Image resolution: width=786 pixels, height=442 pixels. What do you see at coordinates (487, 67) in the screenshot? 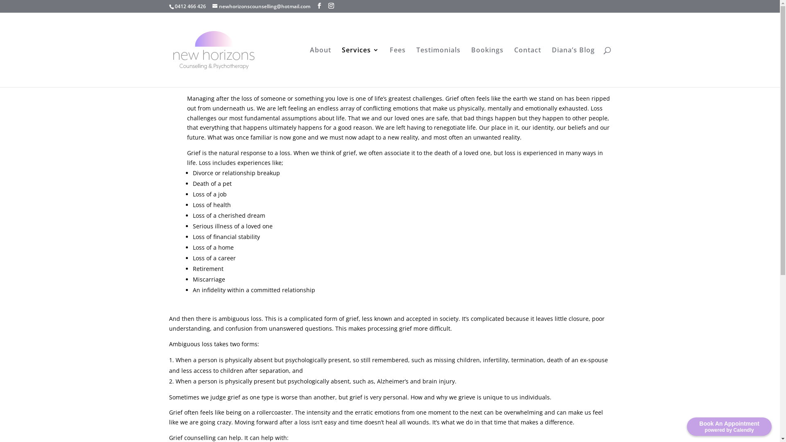
I see `'Bookings'` at bounding box center [487, 67].